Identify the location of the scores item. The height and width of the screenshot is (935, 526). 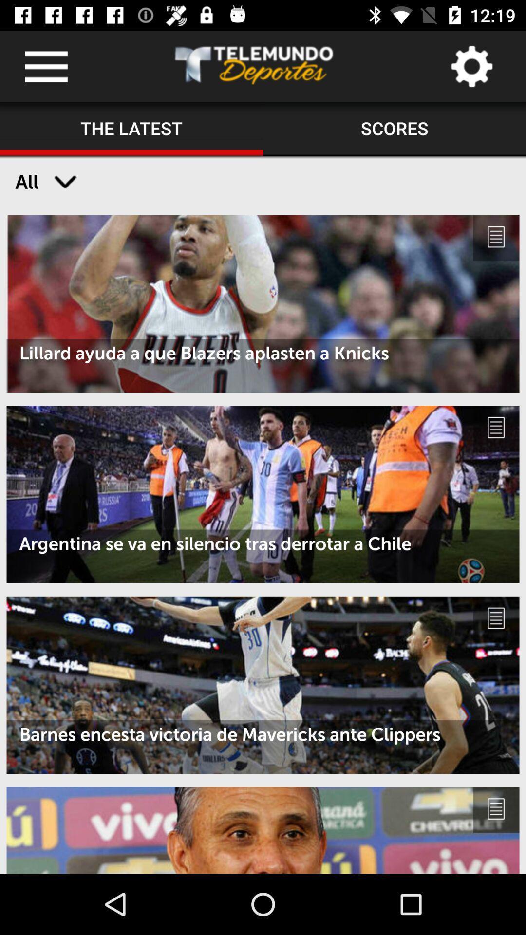
(394, 129).